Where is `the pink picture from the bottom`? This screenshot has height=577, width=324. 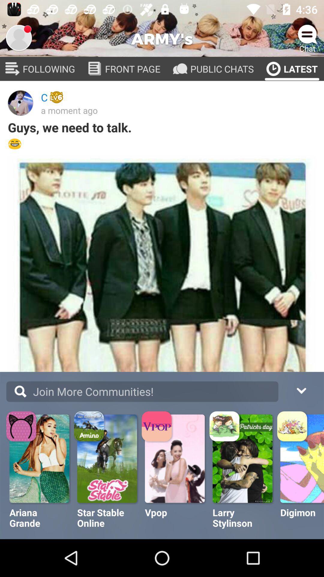 the pink picture from the bottom is located at coordinates (175, 458).